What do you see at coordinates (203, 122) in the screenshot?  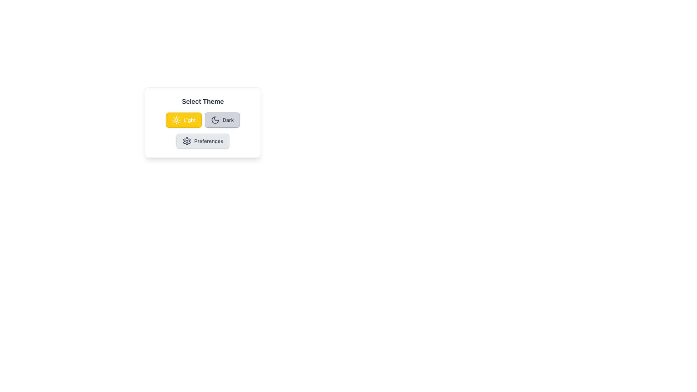 I see `the rectangular button with a yellow background labeled 'Light'` at bounding box center [203, 122].